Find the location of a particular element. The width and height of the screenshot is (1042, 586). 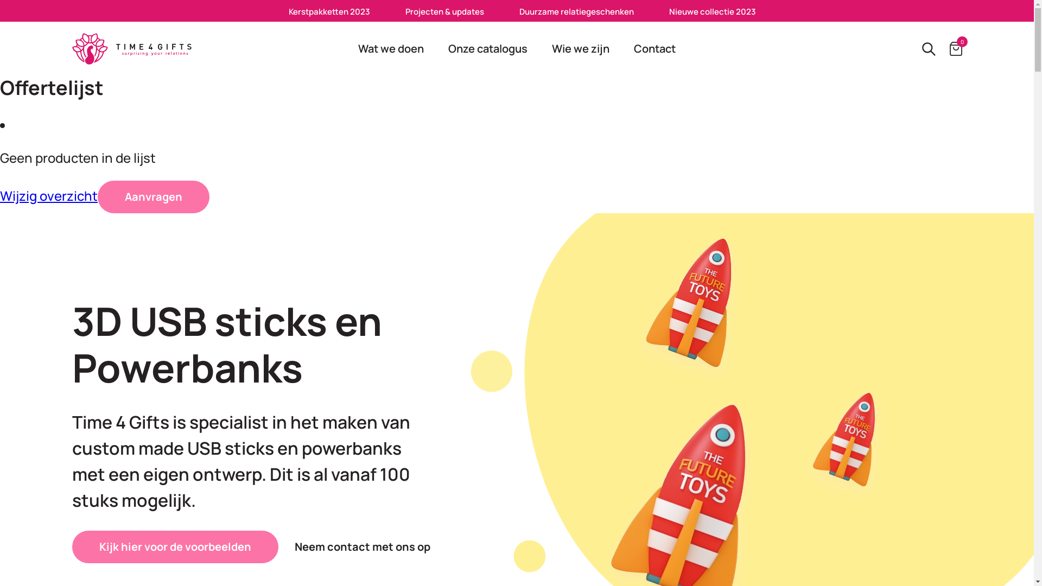

'Onze catalogus' is located at coordinates (487, 48).